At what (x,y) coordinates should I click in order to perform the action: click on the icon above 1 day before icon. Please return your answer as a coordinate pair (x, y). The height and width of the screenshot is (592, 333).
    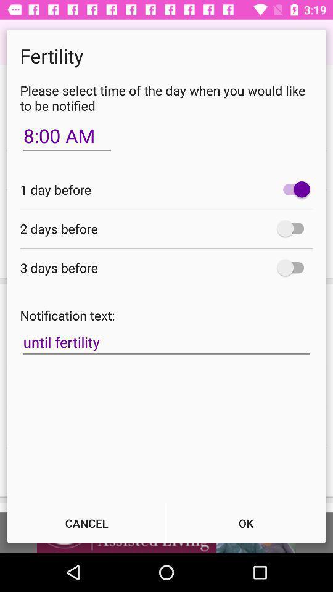
    Looking at the image, I should click on (67, 136).